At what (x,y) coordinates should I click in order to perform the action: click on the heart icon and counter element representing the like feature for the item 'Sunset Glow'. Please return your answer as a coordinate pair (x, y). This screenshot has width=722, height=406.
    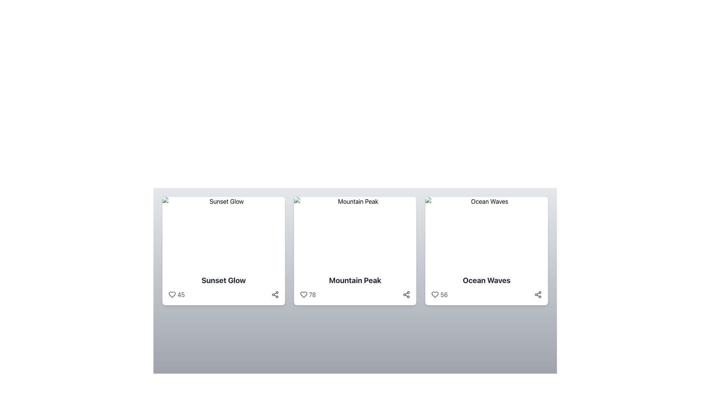
    Looking at the image, I should click on (176, 294).